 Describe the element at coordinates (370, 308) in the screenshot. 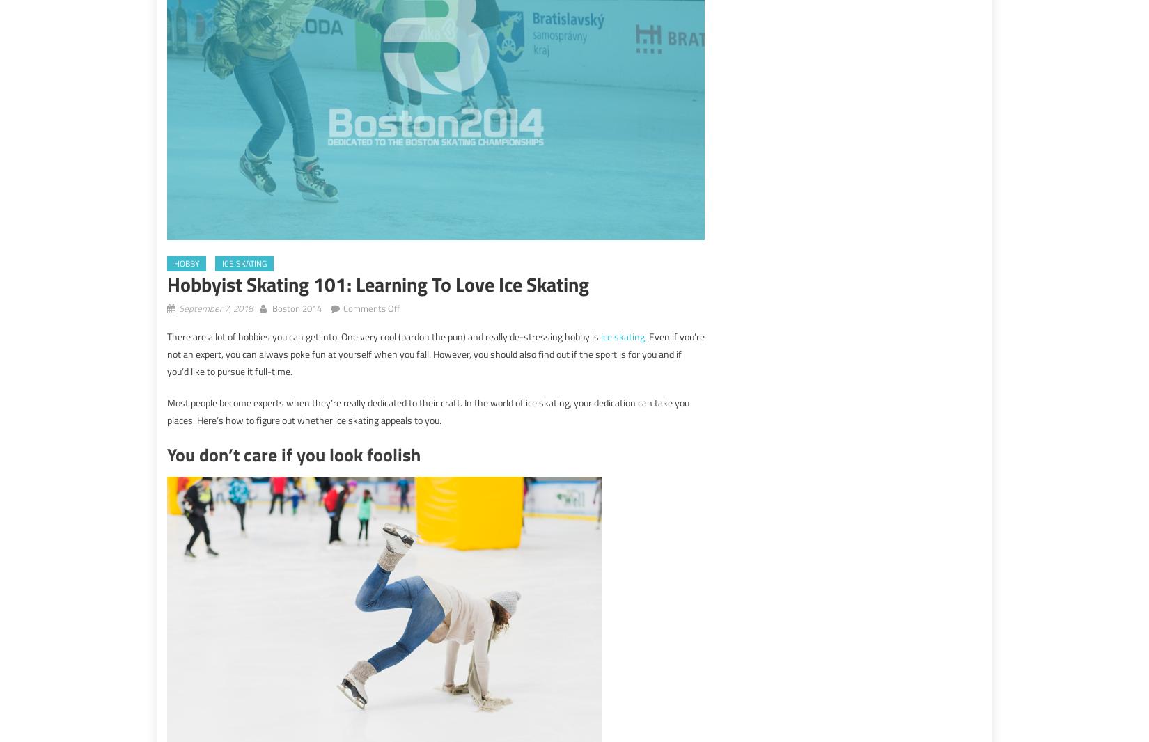

I see `'Comments Off'` at that location.